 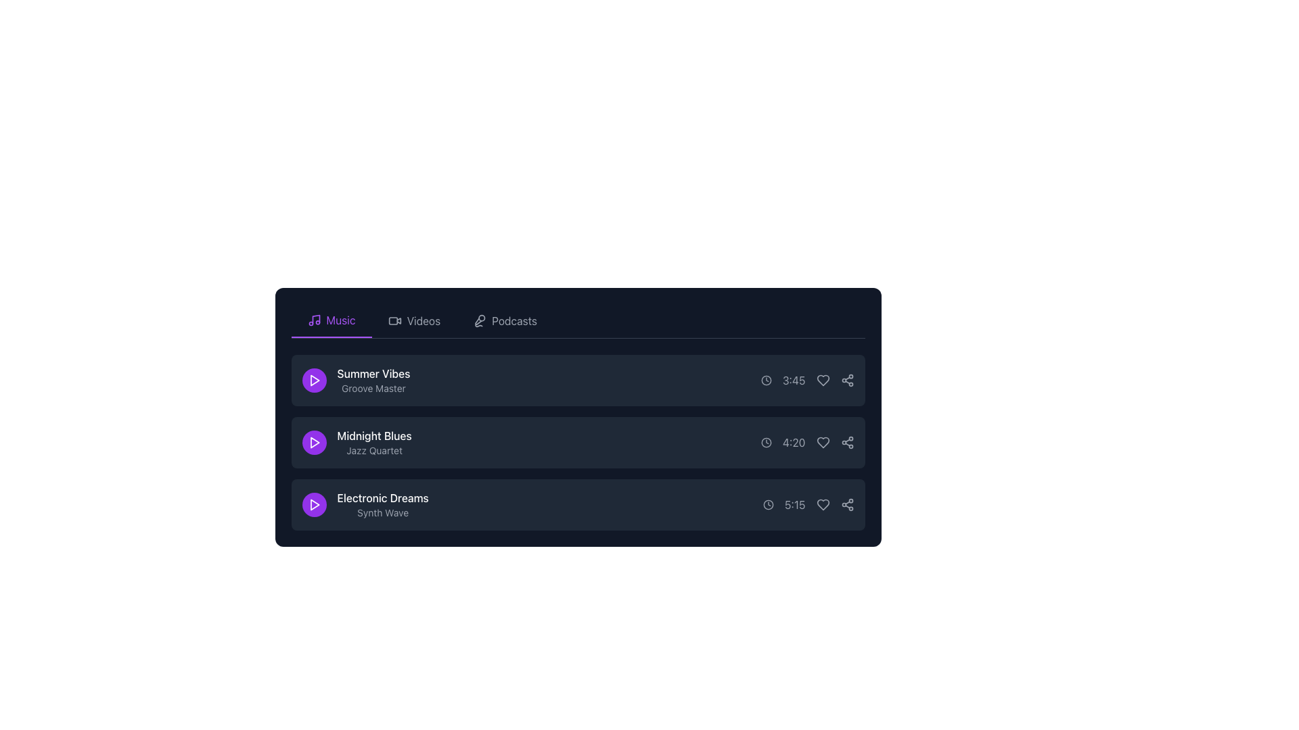 I want to click on the title and artist text of the first song entry, so click(x=356, y=381).